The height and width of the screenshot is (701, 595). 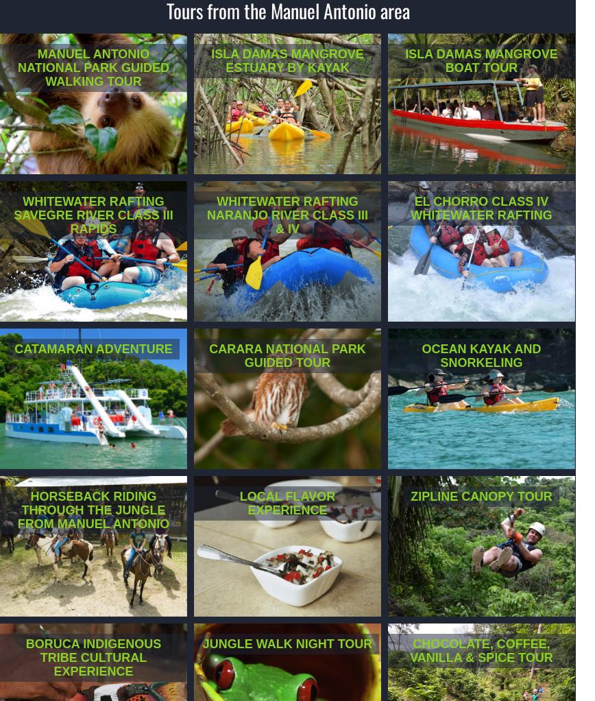 What do you see at coordinates (92, 564) in the screenshot?
I see `'Are you ready to ride horseback through the mountain, surrounded by diverse tropical fauna and local wildlife?'` at bounding box center [92, 564].